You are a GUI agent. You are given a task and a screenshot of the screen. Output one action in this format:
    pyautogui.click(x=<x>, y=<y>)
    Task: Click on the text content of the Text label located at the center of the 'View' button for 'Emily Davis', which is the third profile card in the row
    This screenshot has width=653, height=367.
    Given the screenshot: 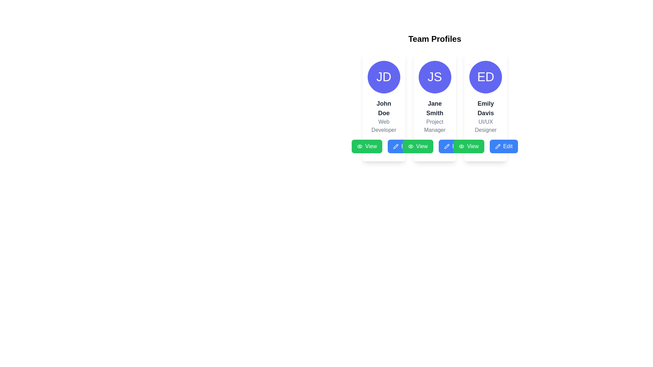 What is the action you would take?
    pyautogui.click(x=472, y=146)
    